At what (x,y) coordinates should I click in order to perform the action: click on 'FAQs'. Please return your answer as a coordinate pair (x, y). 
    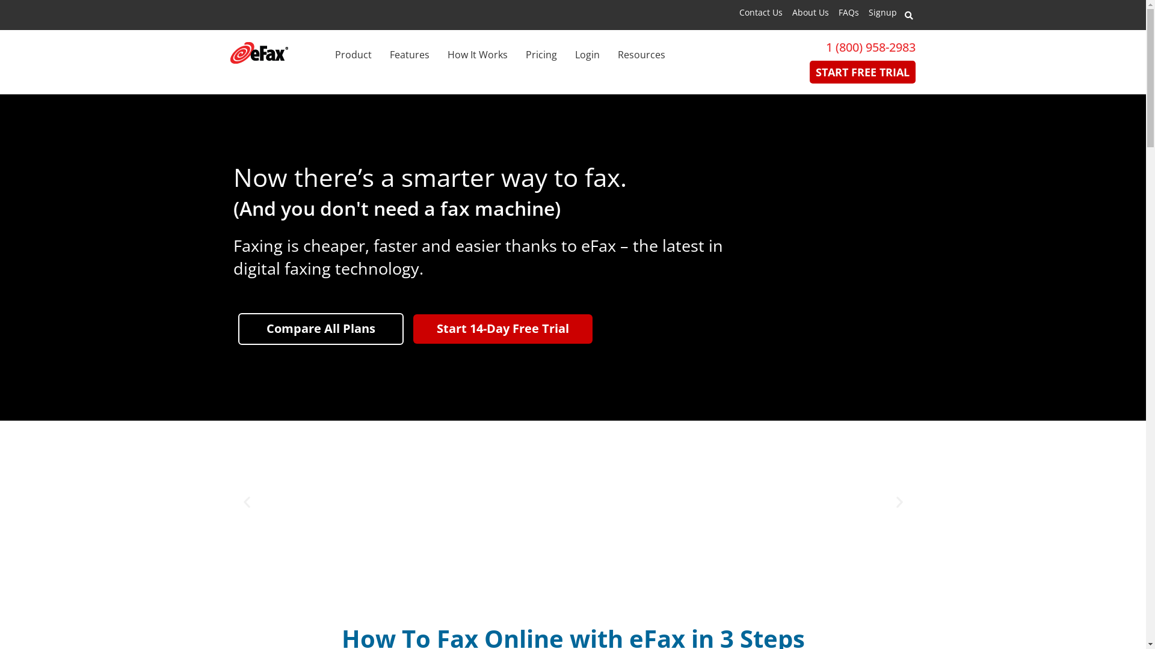
    Looking at the image, I should click on (833, 12).